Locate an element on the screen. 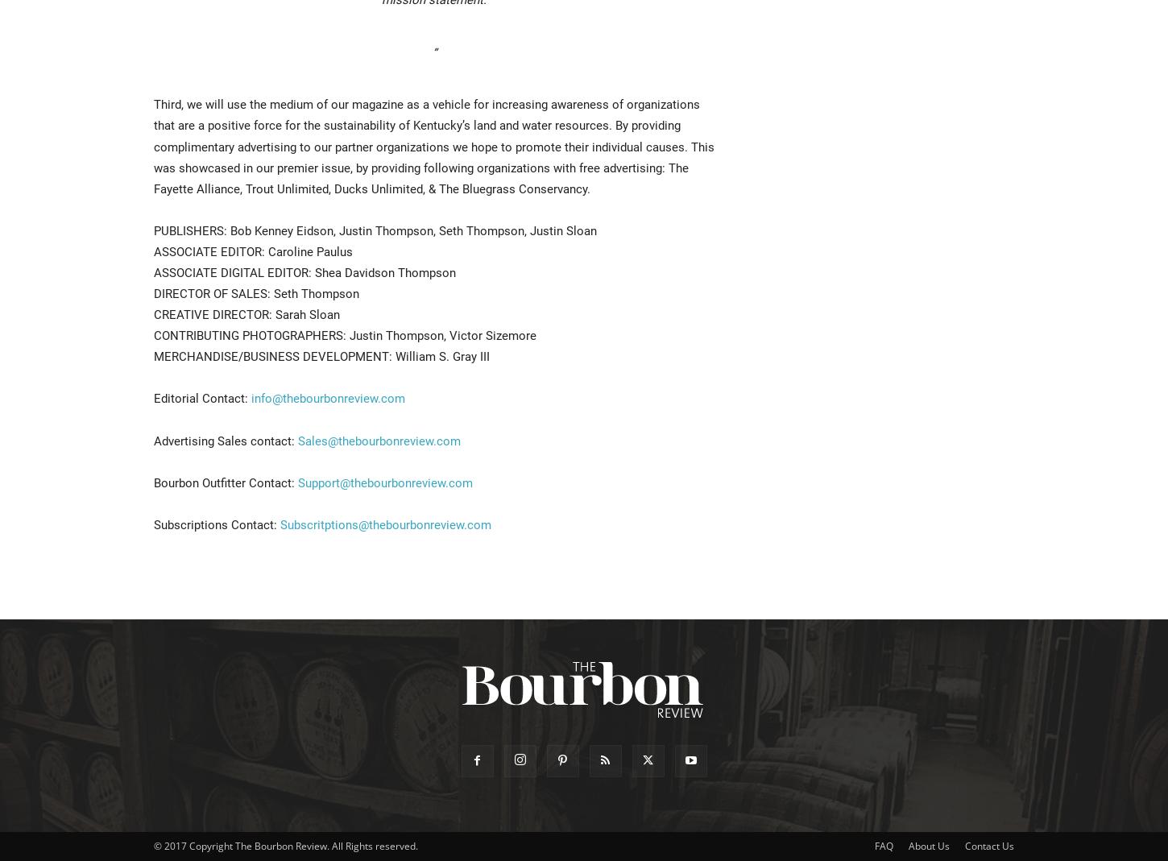  'Sales@thebourbonreview.com' is located at coordinates (378, 441).